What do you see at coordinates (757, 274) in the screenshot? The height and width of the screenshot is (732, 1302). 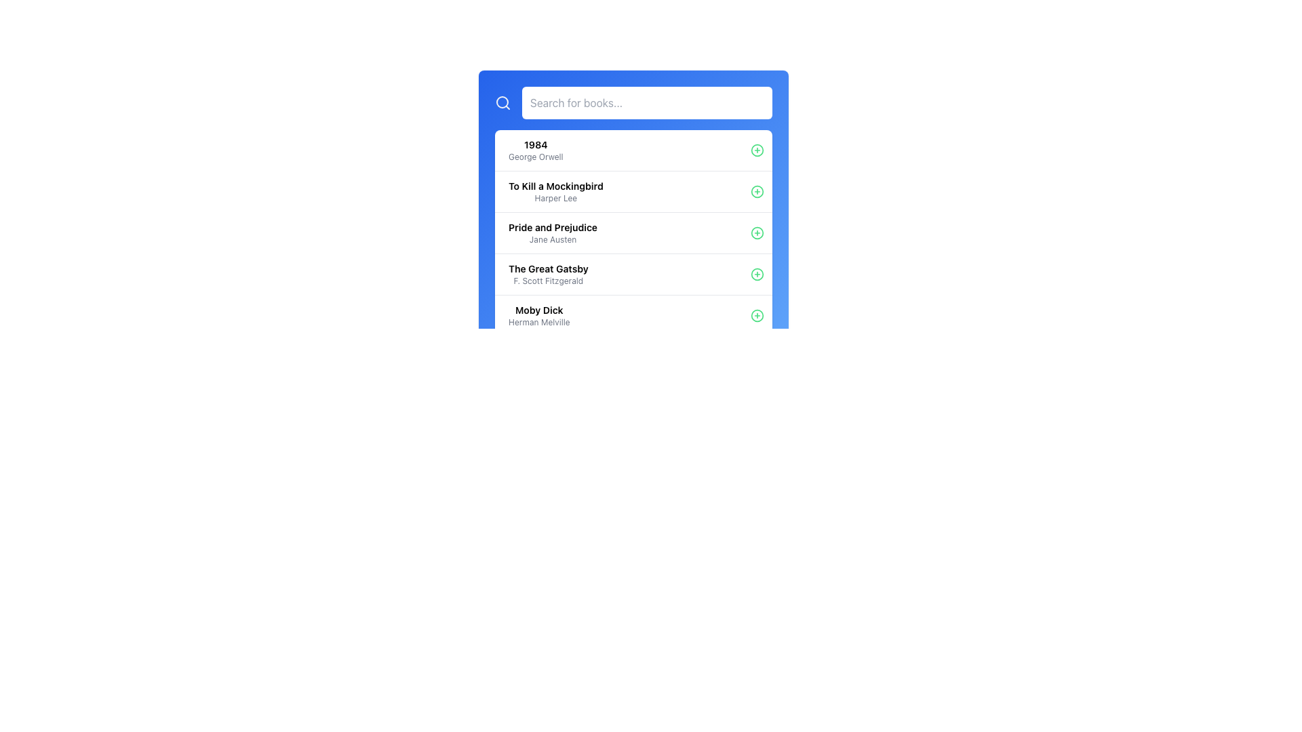 I see `the Circle SVG shape within the icon that allows user interaction with the list item 'The Great Gatsby', located in the fourth row and aligned to the right` at bounding box center [757, 274].